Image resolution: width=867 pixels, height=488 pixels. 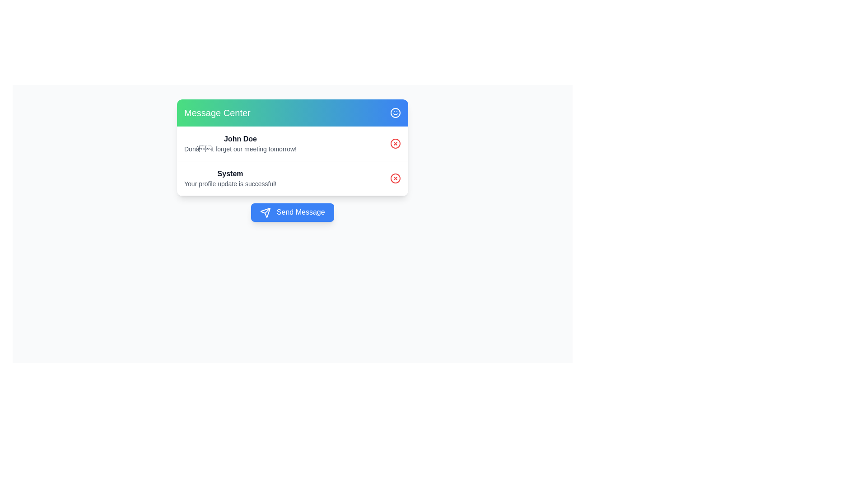 What do you see at coordinates (395, 113) in the screenshot?
I see `the circular graphic component of the smiling face icon, which is part of an SVG and located to the right of the 'Message Center' header` at bounding box center [395, 113].